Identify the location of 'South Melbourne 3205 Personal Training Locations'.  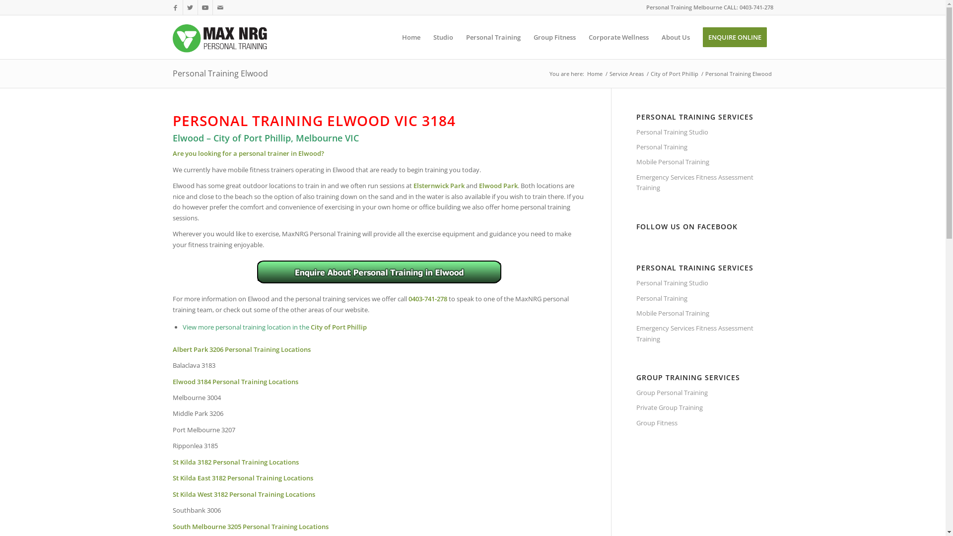
(250, 526).